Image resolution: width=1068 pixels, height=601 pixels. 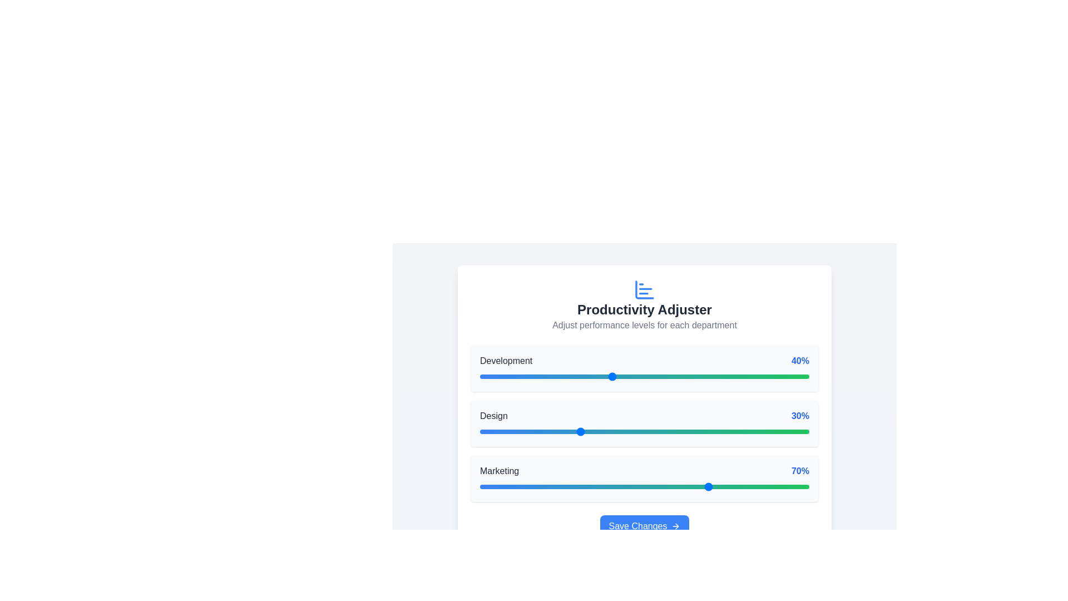 What do you see at coordinates (644, 305) in the screenshot?
I see `the 'Productivity Adjuster' header section, which features a blue bar chart icon and bold dark gray text` at bounding box center [644, 305].